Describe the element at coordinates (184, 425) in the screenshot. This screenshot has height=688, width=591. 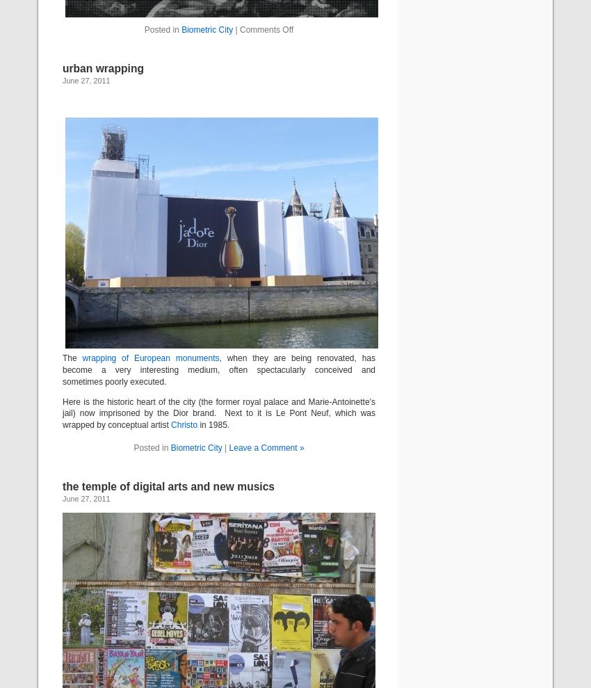
I see `'Christo'` at that location.